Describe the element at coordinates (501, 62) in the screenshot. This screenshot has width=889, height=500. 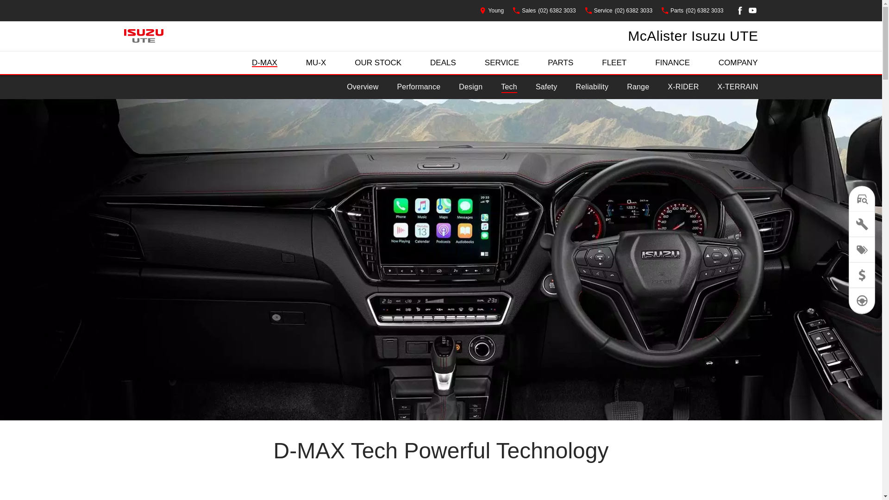
I see `'SERVICE'` at that location.